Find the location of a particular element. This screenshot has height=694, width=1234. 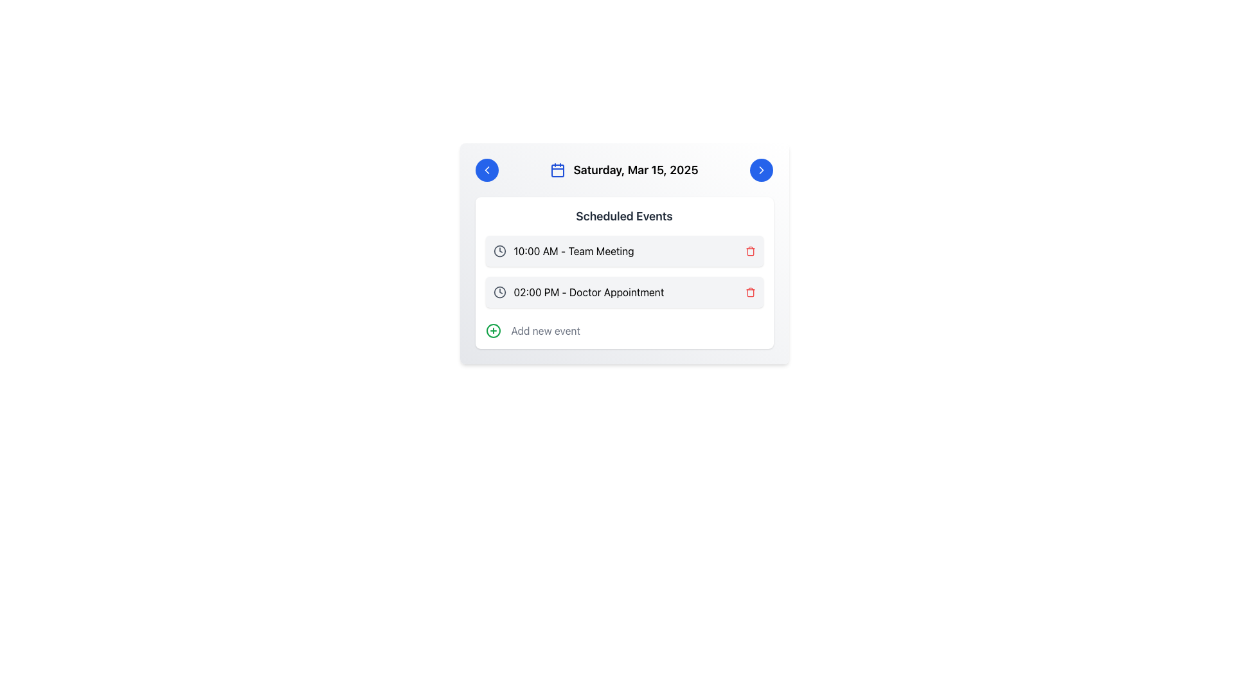

the Text label that prompts to add a new event, located to the right of the green circular plus icon in the event scheduling list is located at coordinates (546, 330).